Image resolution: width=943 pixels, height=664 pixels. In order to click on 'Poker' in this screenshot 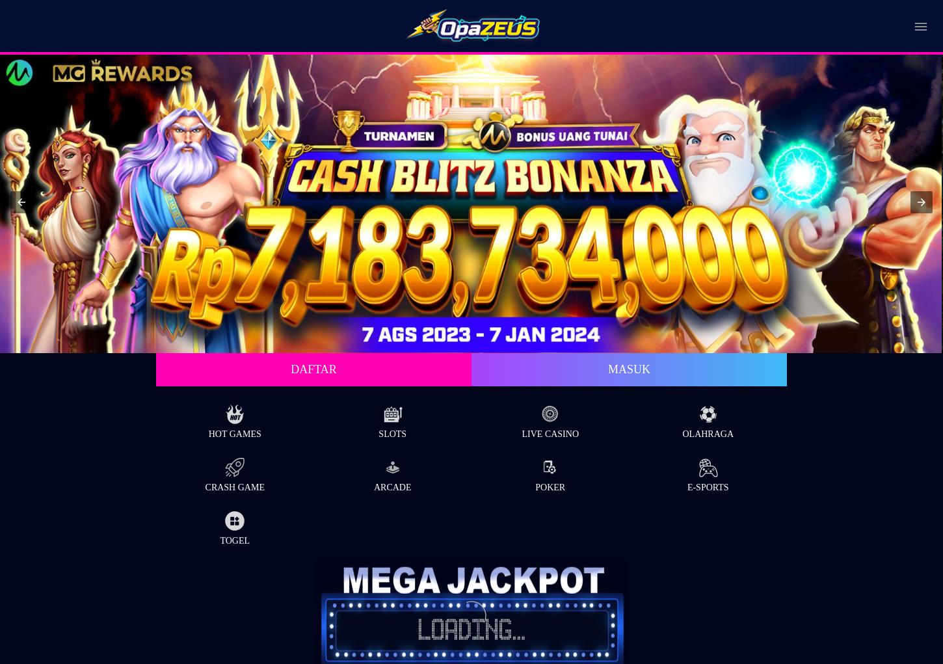, I will do `click(550, 486)`.